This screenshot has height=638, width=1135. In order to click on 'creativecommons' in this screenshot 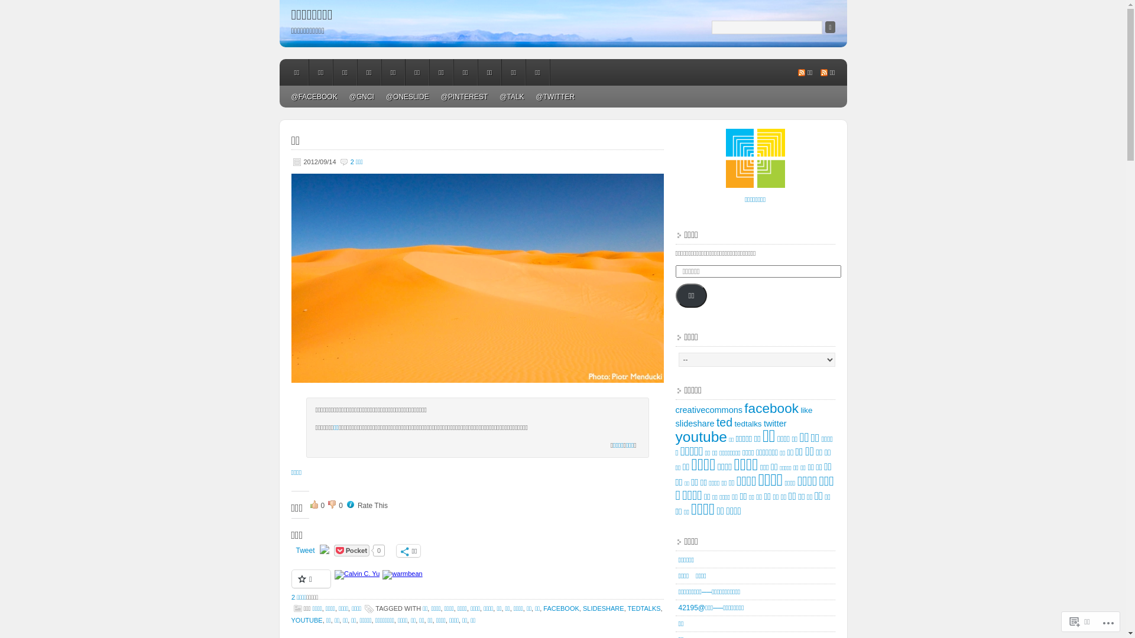, I will do `click(709, 409)`.